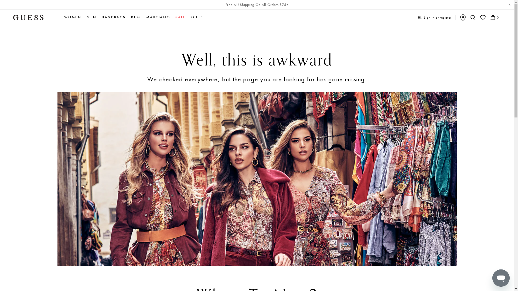 The height and width of the screenshot is (291, 518). Describe the element at coordinates (191, 17) in the screenshot. I see `'GIFTS'` at that location.